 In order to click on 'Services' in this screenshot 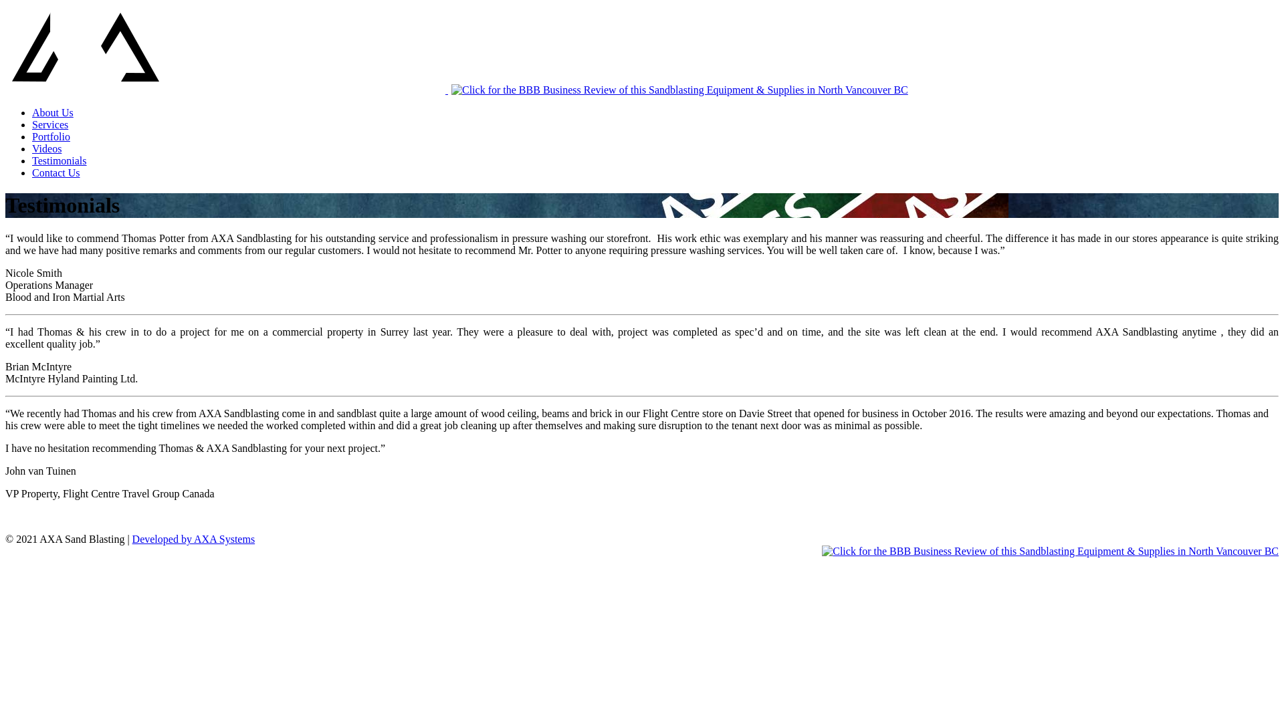, I will do `click(50, 124)`.